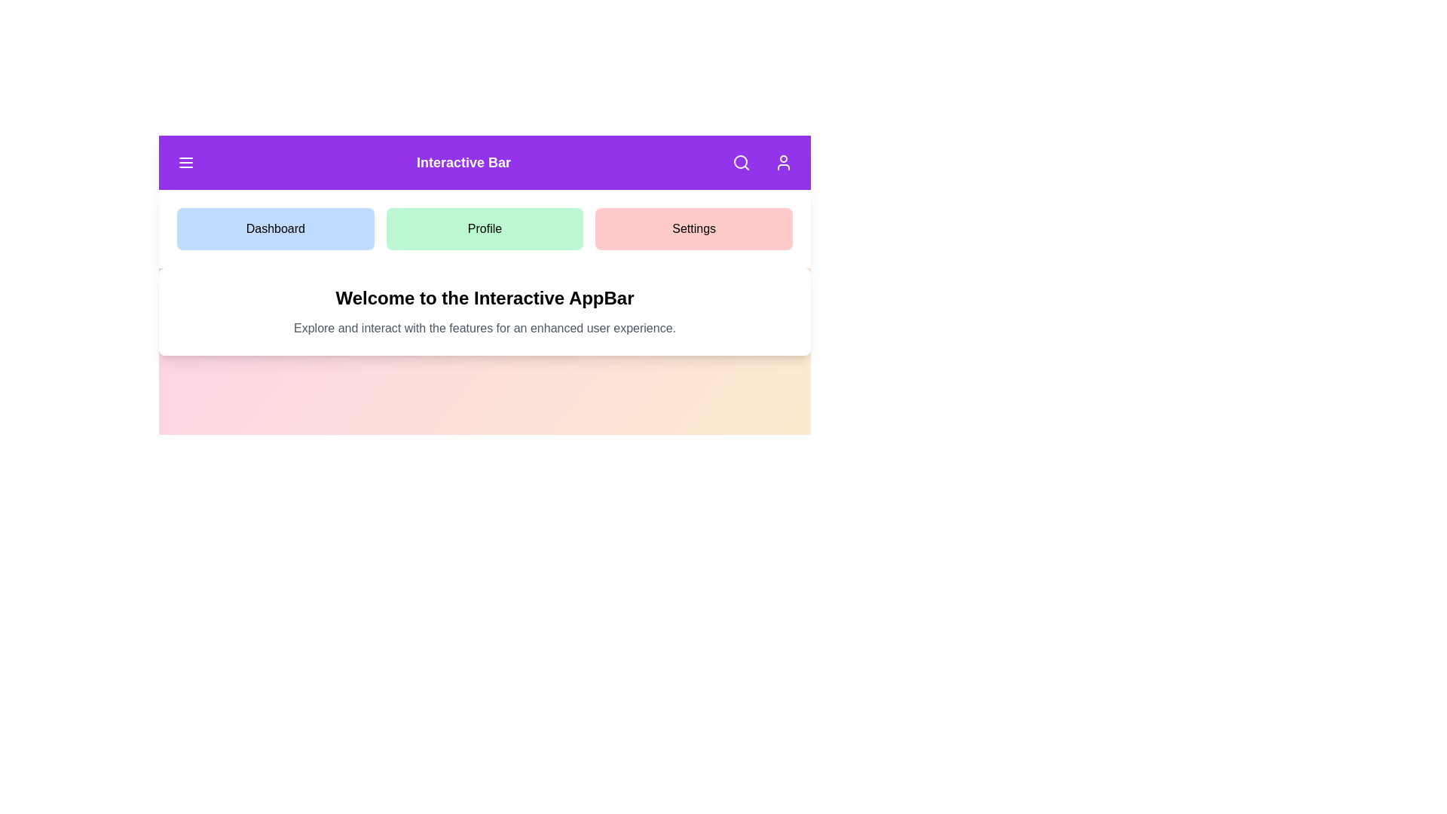  I want to click on the blue button labeled 'Dashboard' to navigate to the Dashboard section, so click(274, 229).